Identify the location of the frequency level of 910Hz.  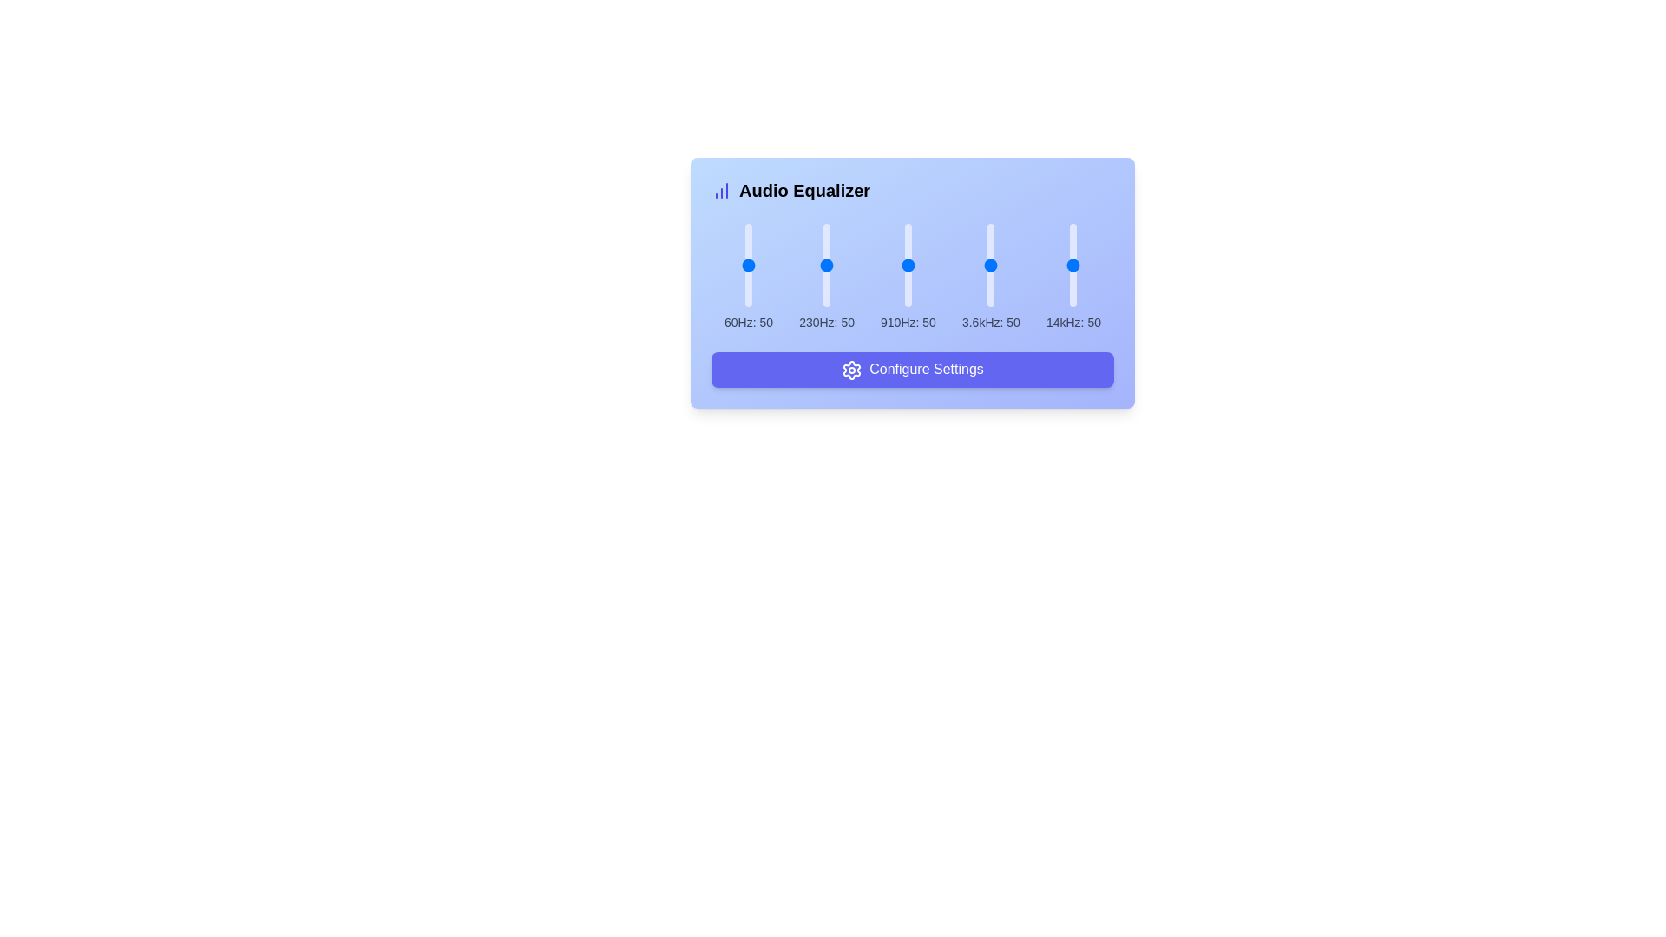
(907, 272).